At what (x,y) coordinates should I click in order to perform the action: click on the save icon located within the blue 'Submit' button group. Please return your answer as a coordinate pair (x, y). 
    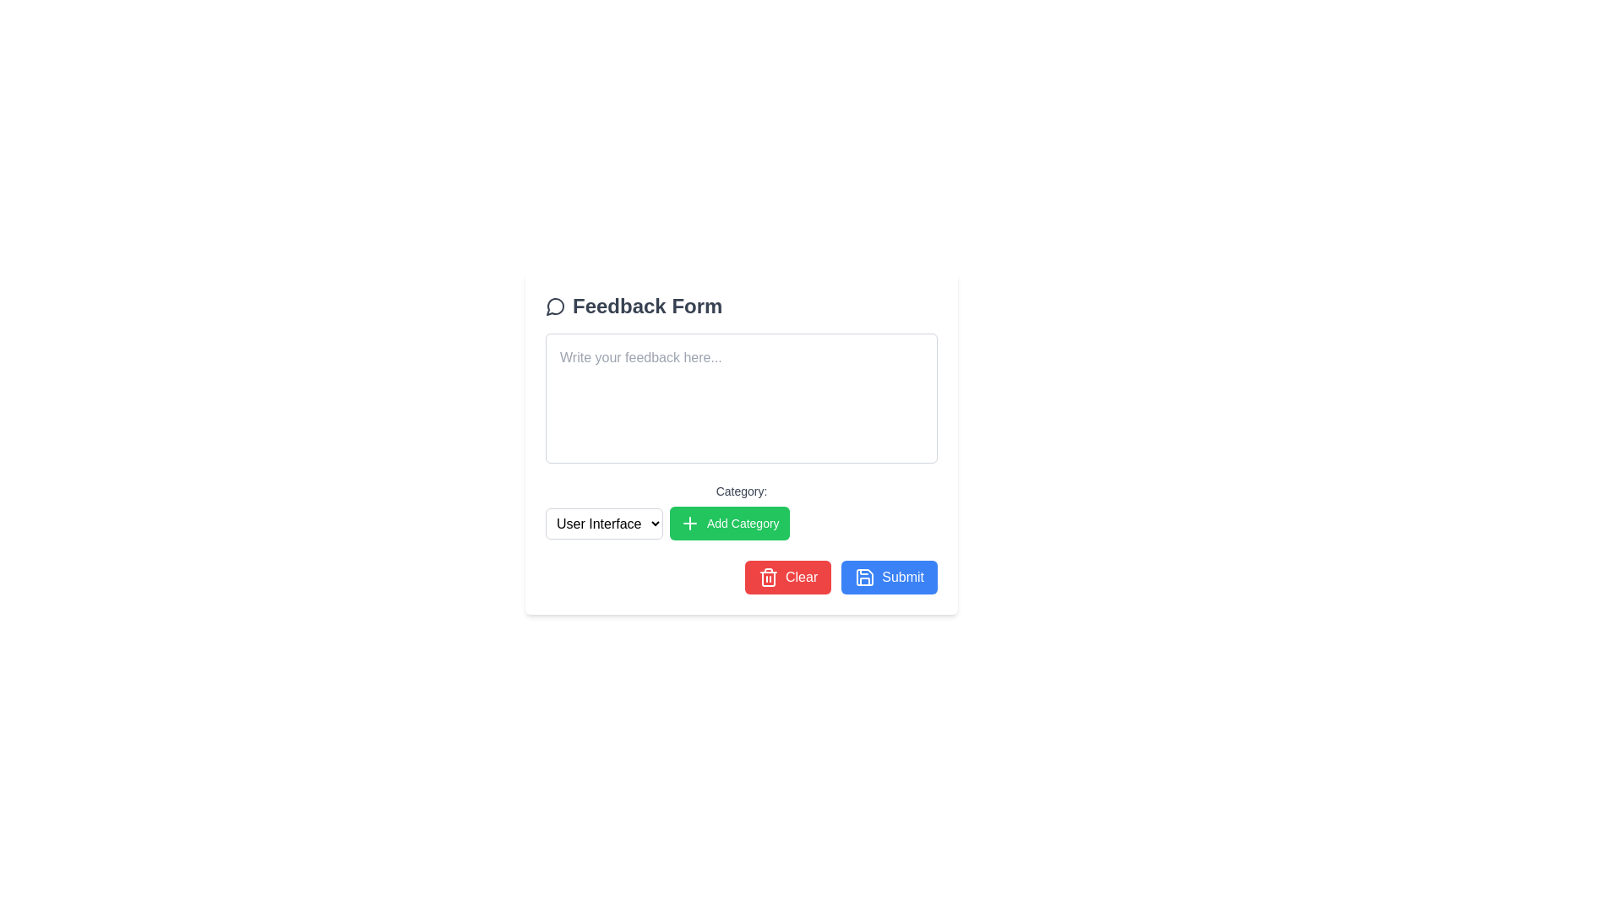
    Looking at the image, I should click on (865, 576).